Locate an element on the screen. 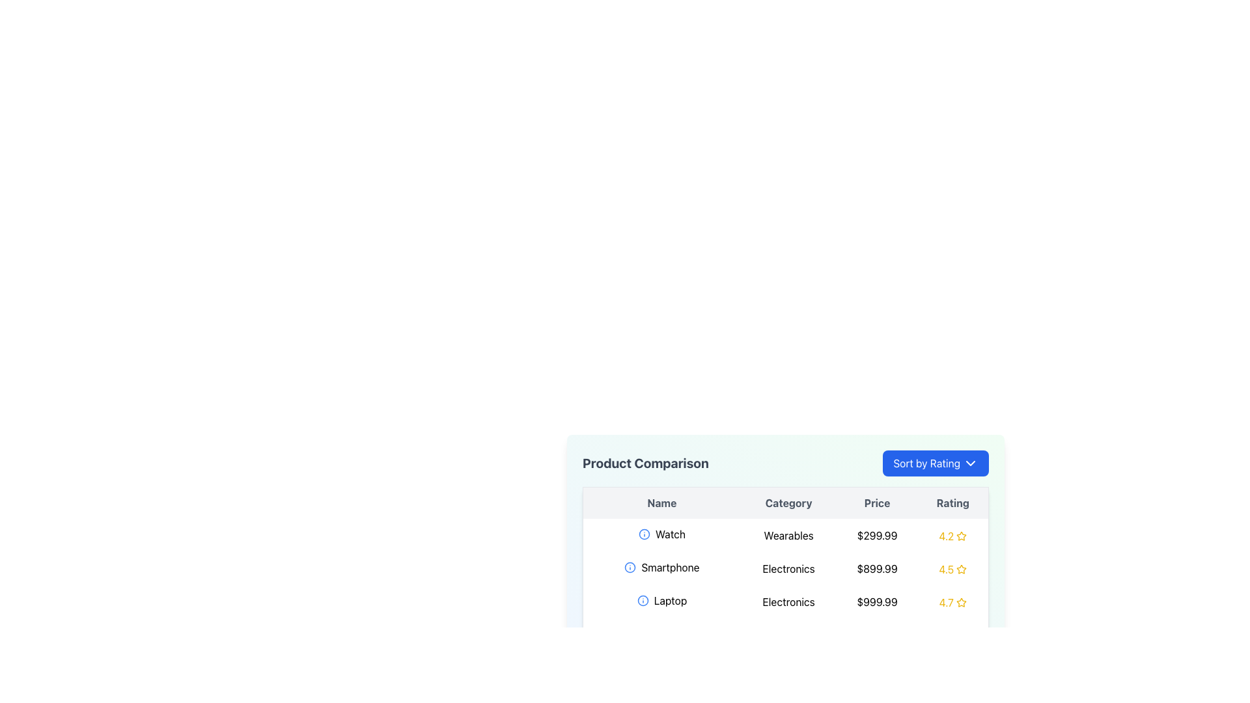 This screenshot has width=1250, height=703. the star icon representing the rating of 4.7 in the 'Rating' column of the last row for the 'Electronics' category product priced at $999.99 is located at coordinates (961, 602).